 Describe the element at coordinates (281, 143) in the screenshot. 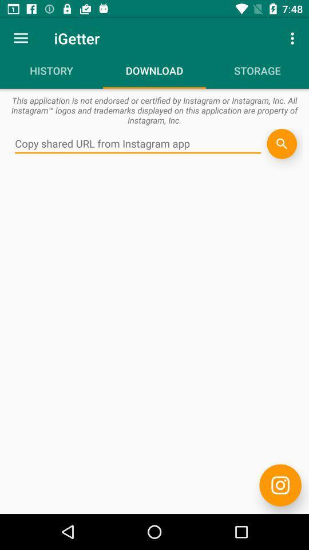

I see `share the article` at that location.